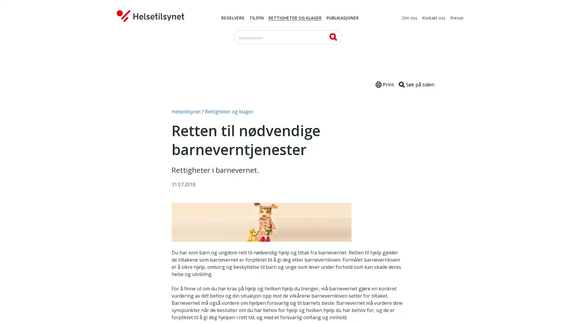 The image size is (576, 324). I want to click on Sk pa siden, so click(416, 84).